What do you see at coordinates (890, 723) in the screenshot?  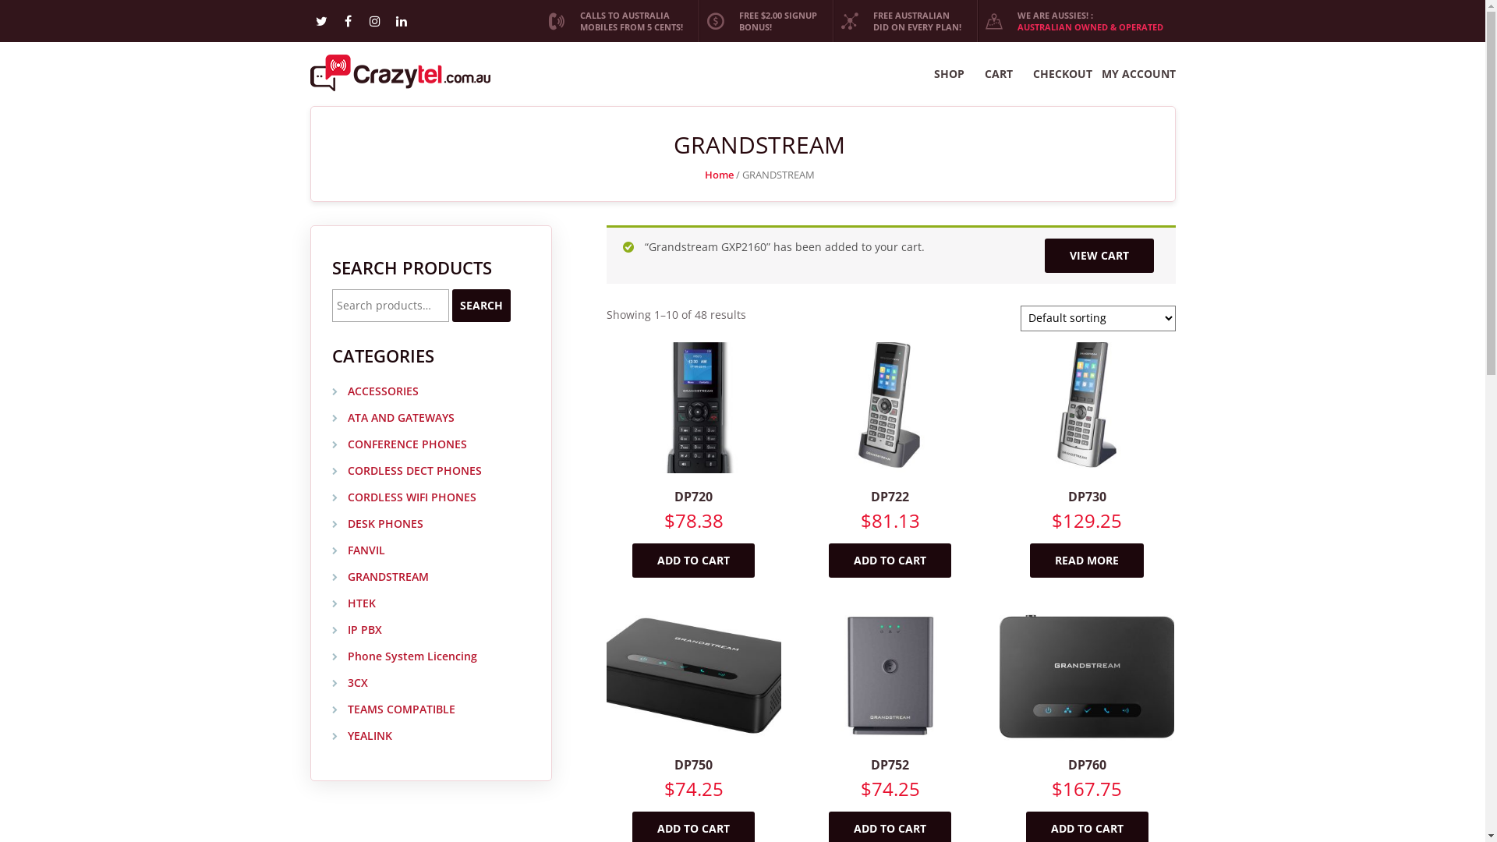 I see `'DP752` at bounding box center [890, 723].